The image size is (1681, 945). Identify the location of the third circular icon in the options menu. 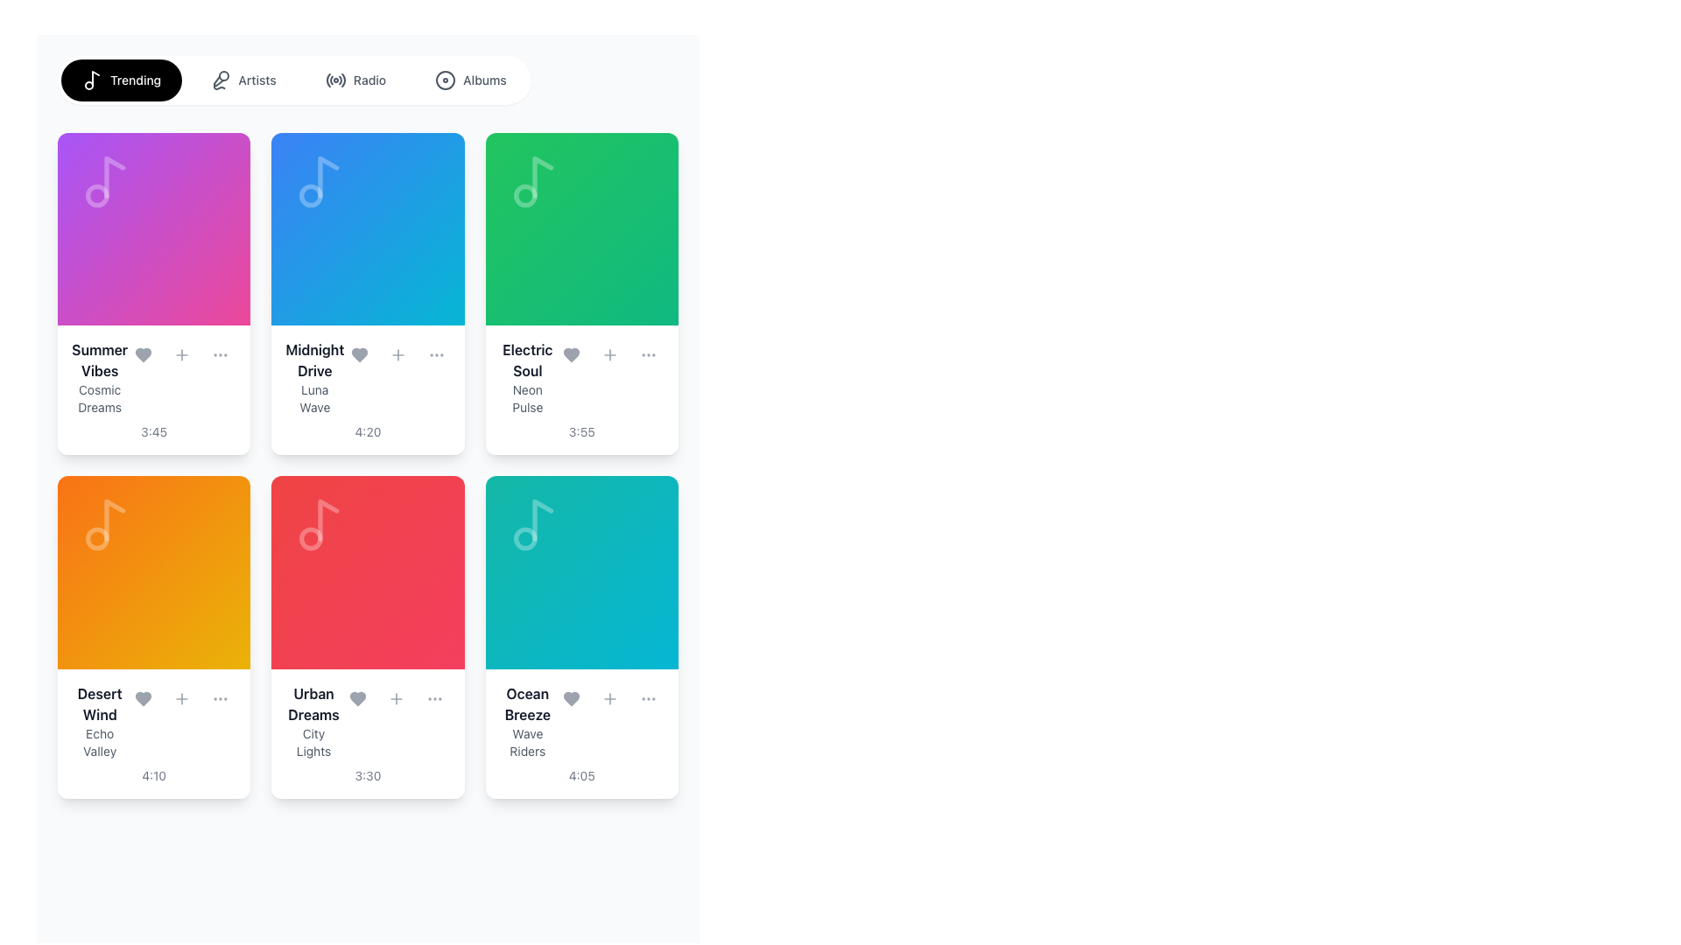
(220, 354).